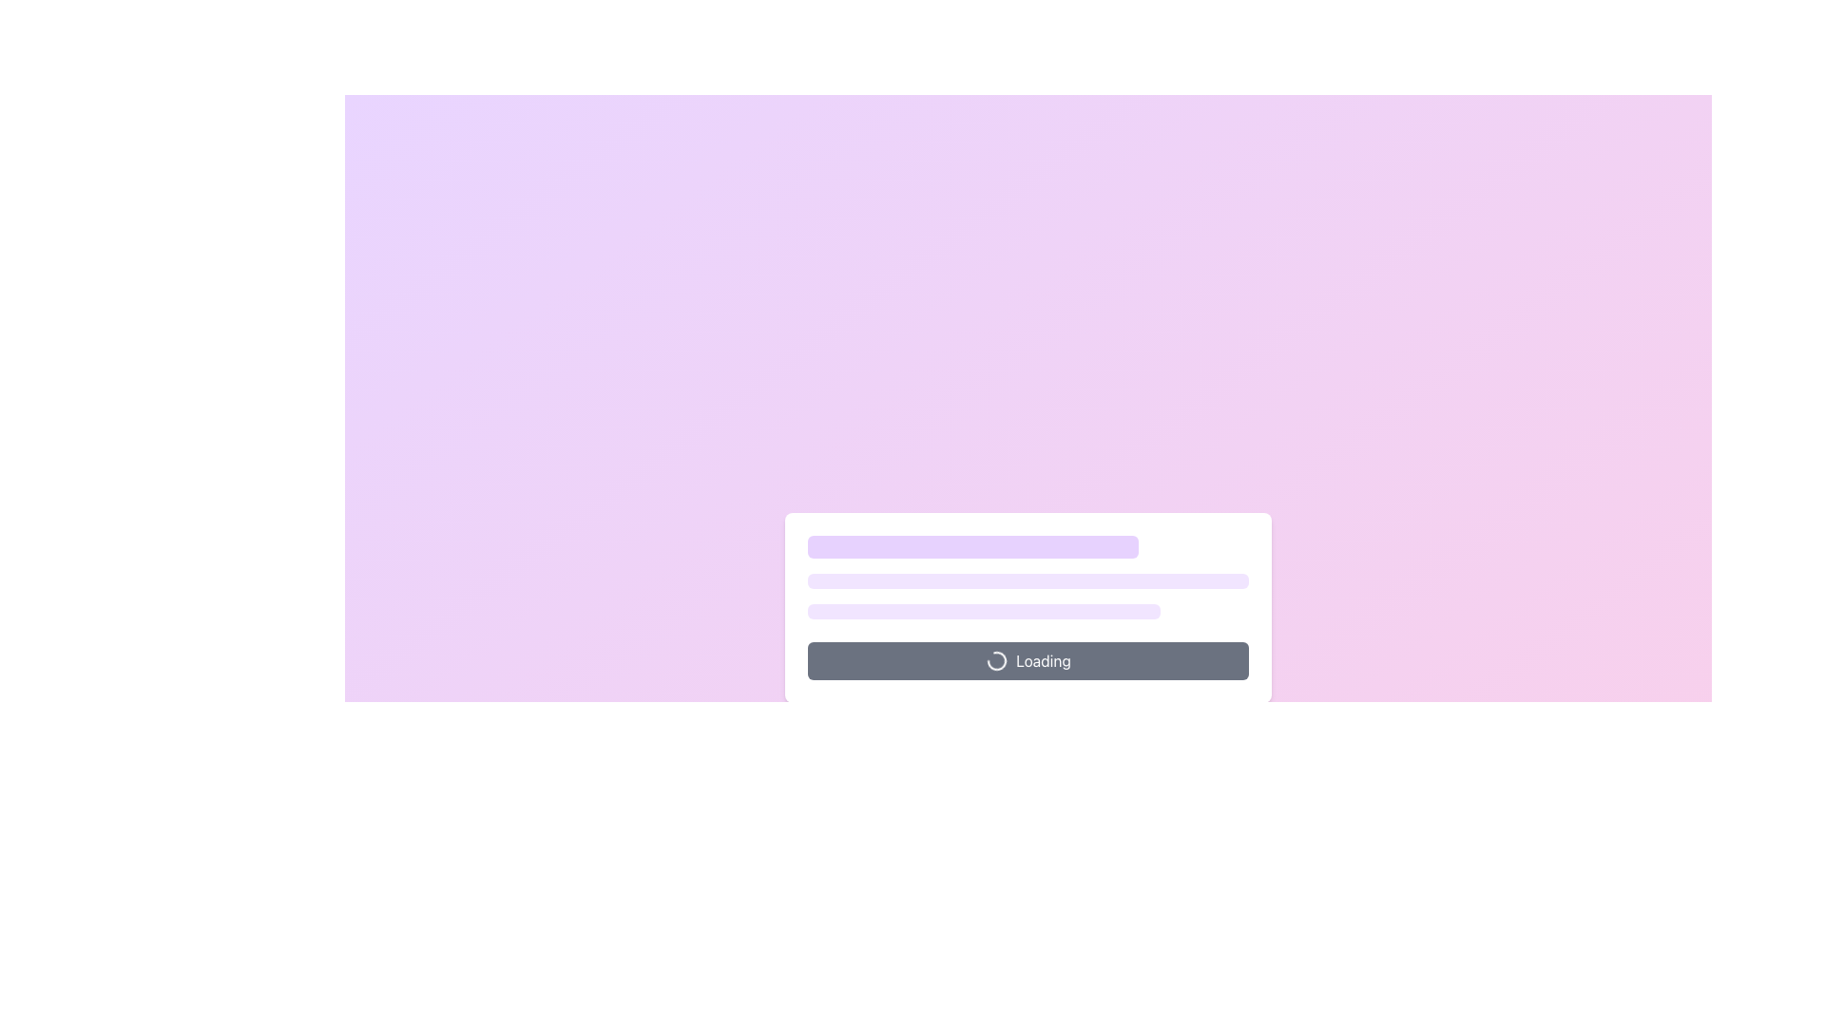  Describe the element at coordinates (996, 659) in the screenshot. I see `the circular, spinning loader icon that is positioned to the left of the text 'Loading' within a gray button` at that location.